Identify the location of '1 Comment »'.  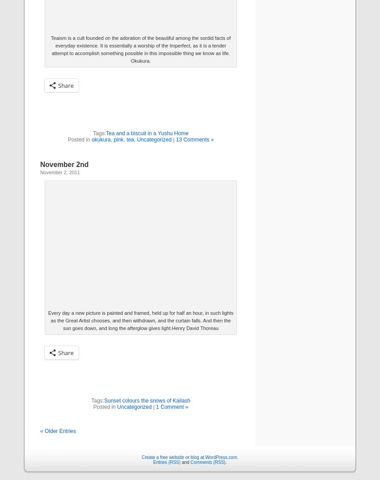
(156, 406).